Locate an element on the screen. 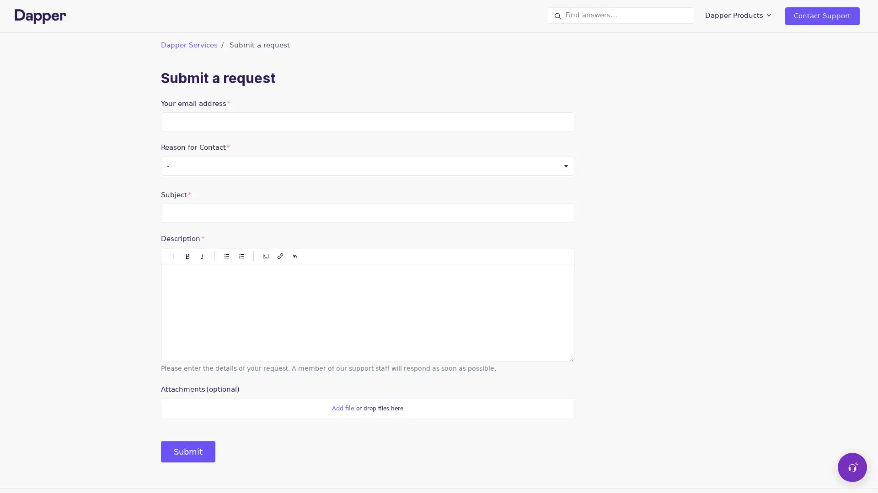 The image size is (878, 493). Choose Files is located at coordinates (182, 403).